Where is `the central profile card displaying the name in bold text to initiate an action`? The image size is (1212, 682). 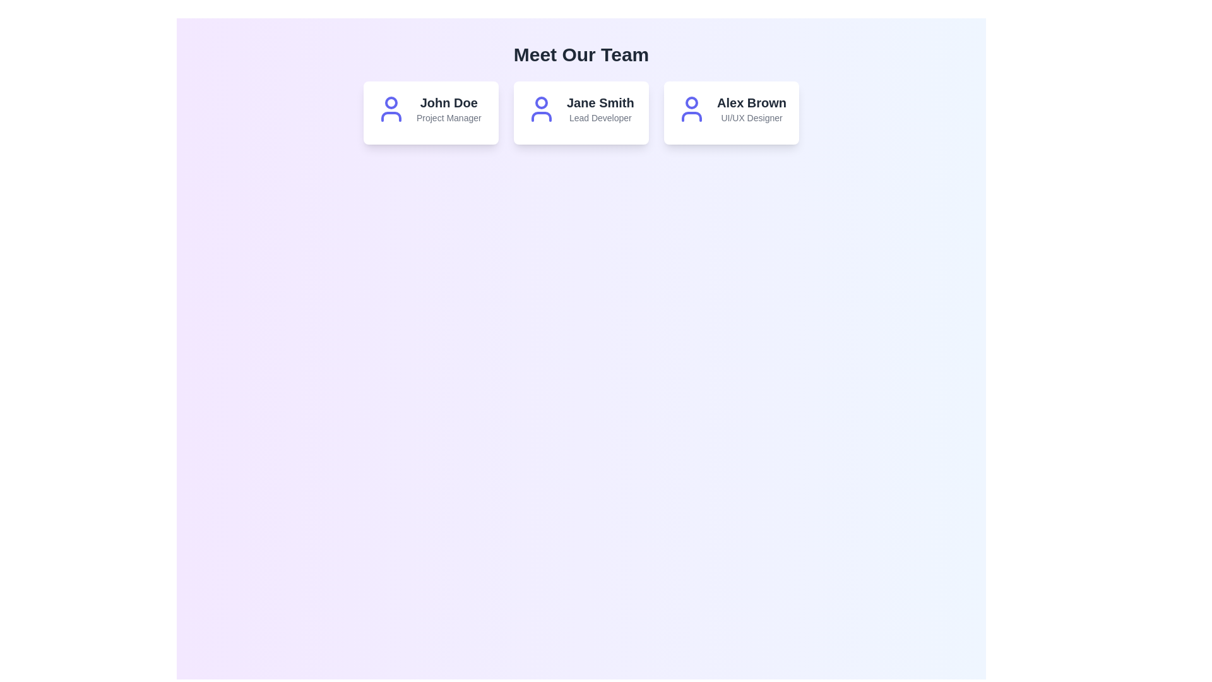 the central profile card displaying the name in bold text to initiate an action is located at coordinates (581, 112).